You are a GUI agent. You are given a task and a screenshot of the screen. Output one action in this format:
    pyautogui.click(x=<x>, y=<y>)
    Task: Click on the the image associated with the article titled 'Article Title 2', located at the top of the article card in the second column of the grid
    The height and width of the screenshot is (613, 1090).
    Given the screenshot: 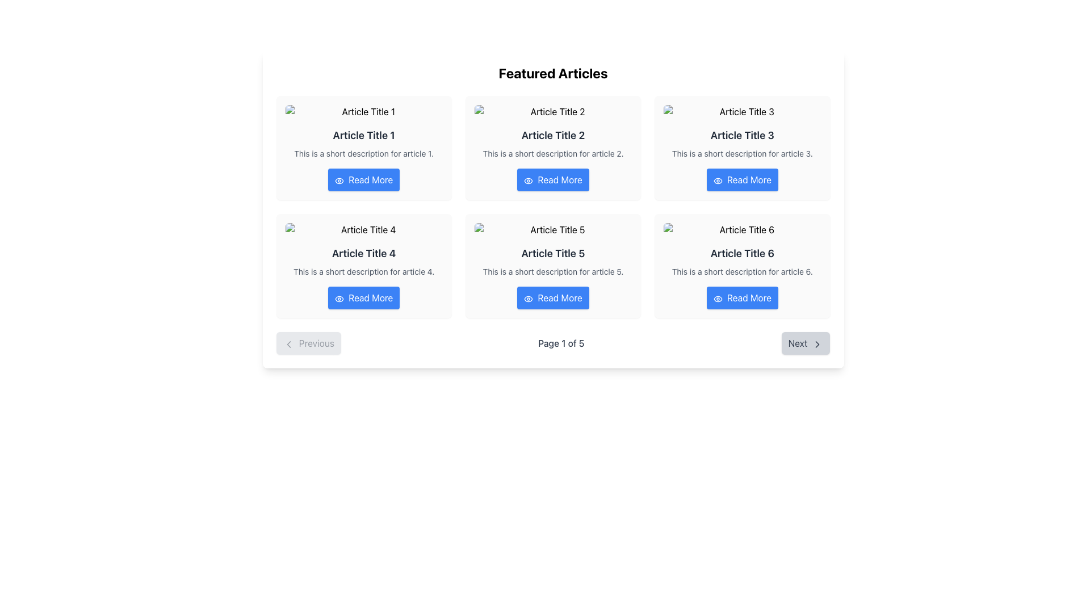 What is the action you would take?
    pyautogui.click(x=553, y=111)
    